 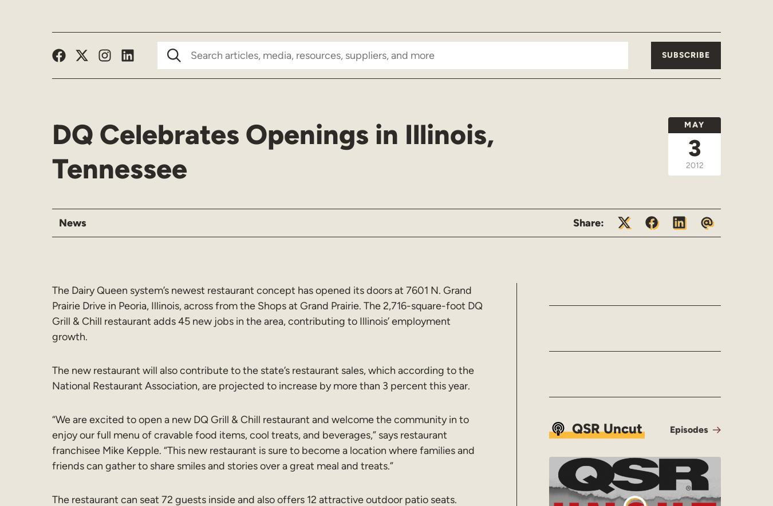 What do you see at coordinates (697, 15) in the screenshot?
I see `'Resources'` at bounding box center [697, 15].